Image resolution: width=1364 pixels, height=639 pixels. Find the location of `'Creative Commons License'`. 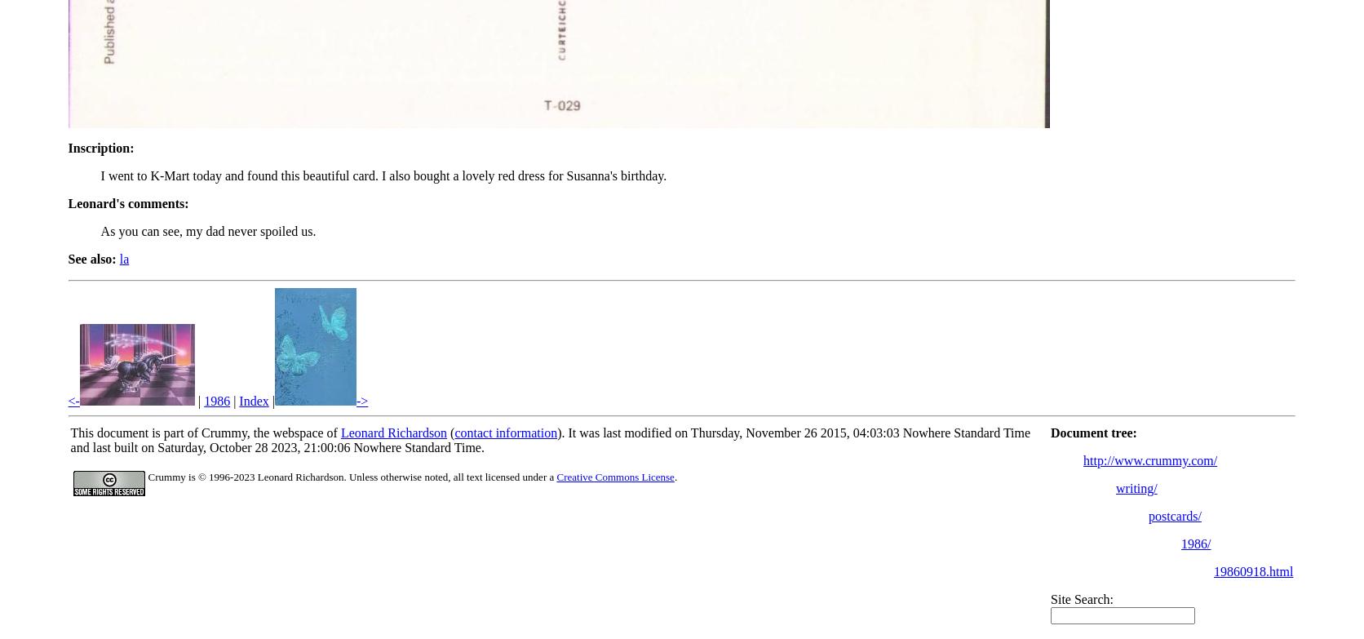

'Creative Commons License' is located at coordinates (614, 476).